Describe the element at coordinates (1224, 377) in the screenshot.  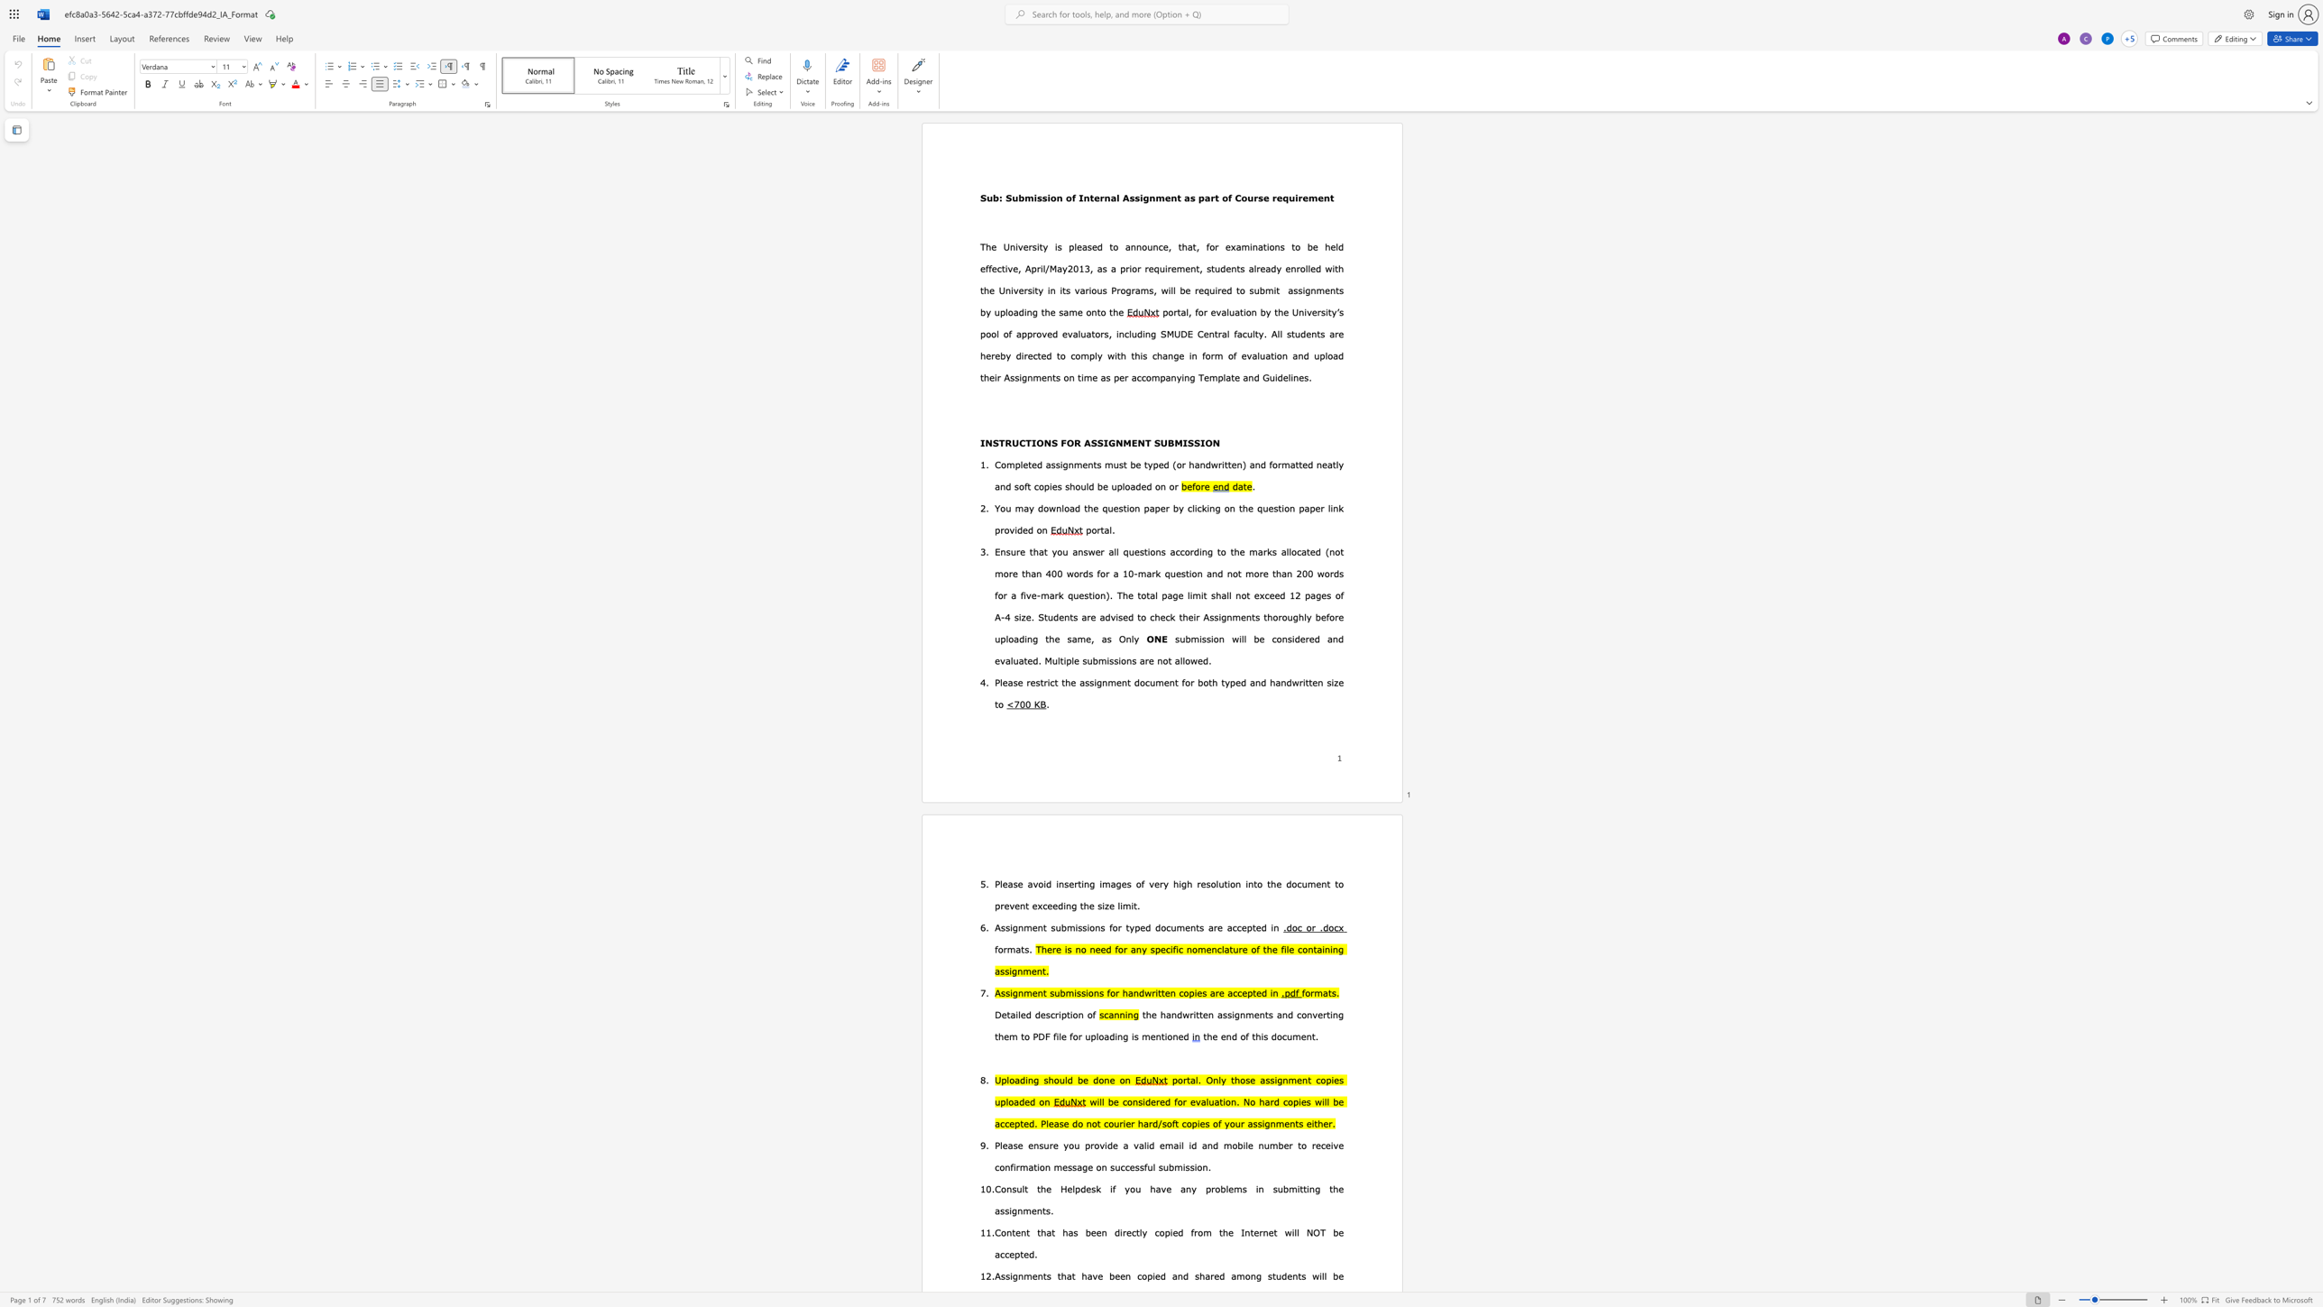
I see `the 1th character "l" in the text` at that location.